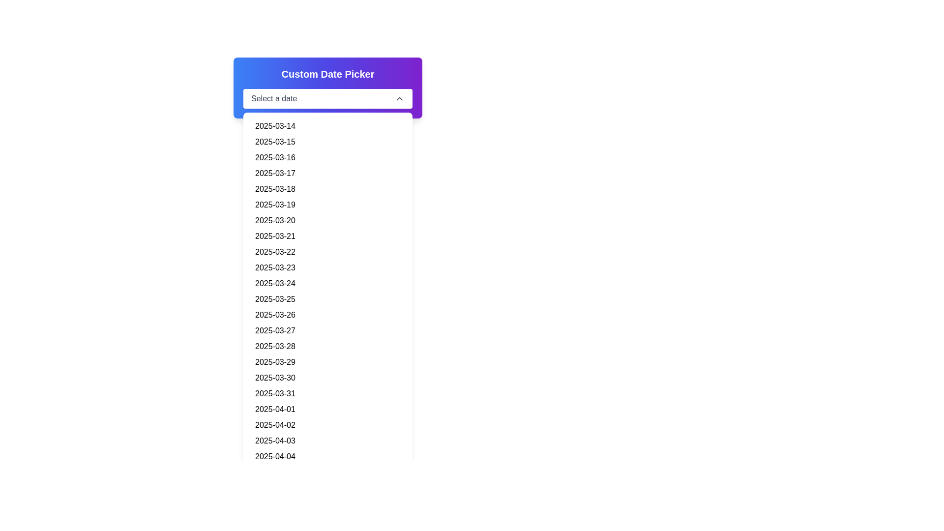 This screenshot has height=531, width=944. What do you see at coordinates (328, 299) in the screenshot?
I see `the twelfth date entry in the date picker list, which is positioned between '2025-03-24' and '2025-03-26'` at bounding box center [328, 299].